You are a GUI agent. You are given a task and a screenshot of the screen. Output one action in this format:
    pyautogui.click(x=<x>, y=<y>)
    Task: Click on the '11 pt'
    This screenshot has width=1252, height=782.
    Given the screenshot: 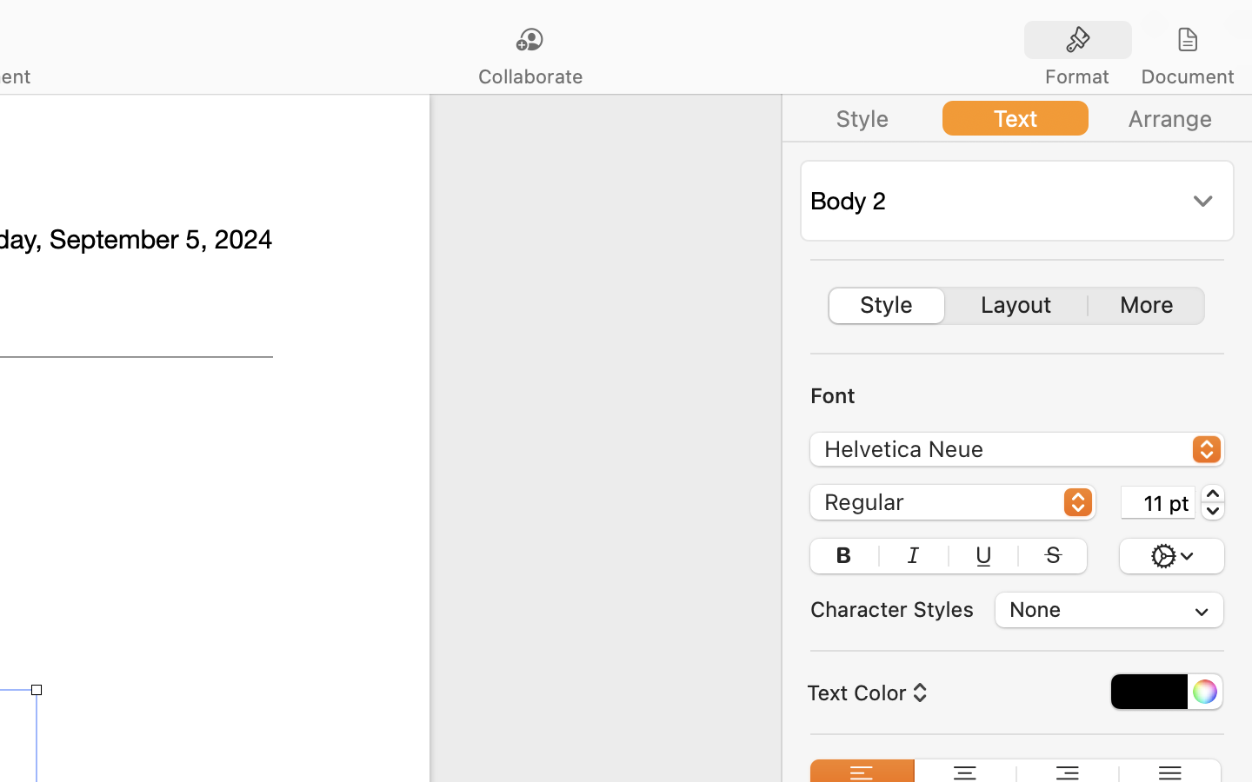 What is the action you would take?
    pyautogui.click(x=1157, y=501)
    